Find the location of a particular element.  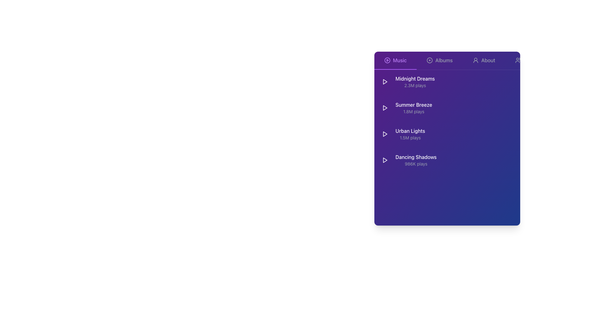

the Circle graphic element located in the top navigation bar, which is positioned to the left of the 'Music' tab is located at coordinates (387, 60).